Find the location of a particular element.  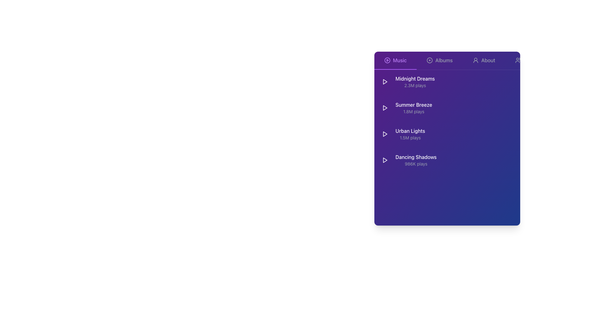

the Circle graphic element located in the top navigation bar, which is positioned to the left of the 'Music' tab is located at coordinates (387, 60).